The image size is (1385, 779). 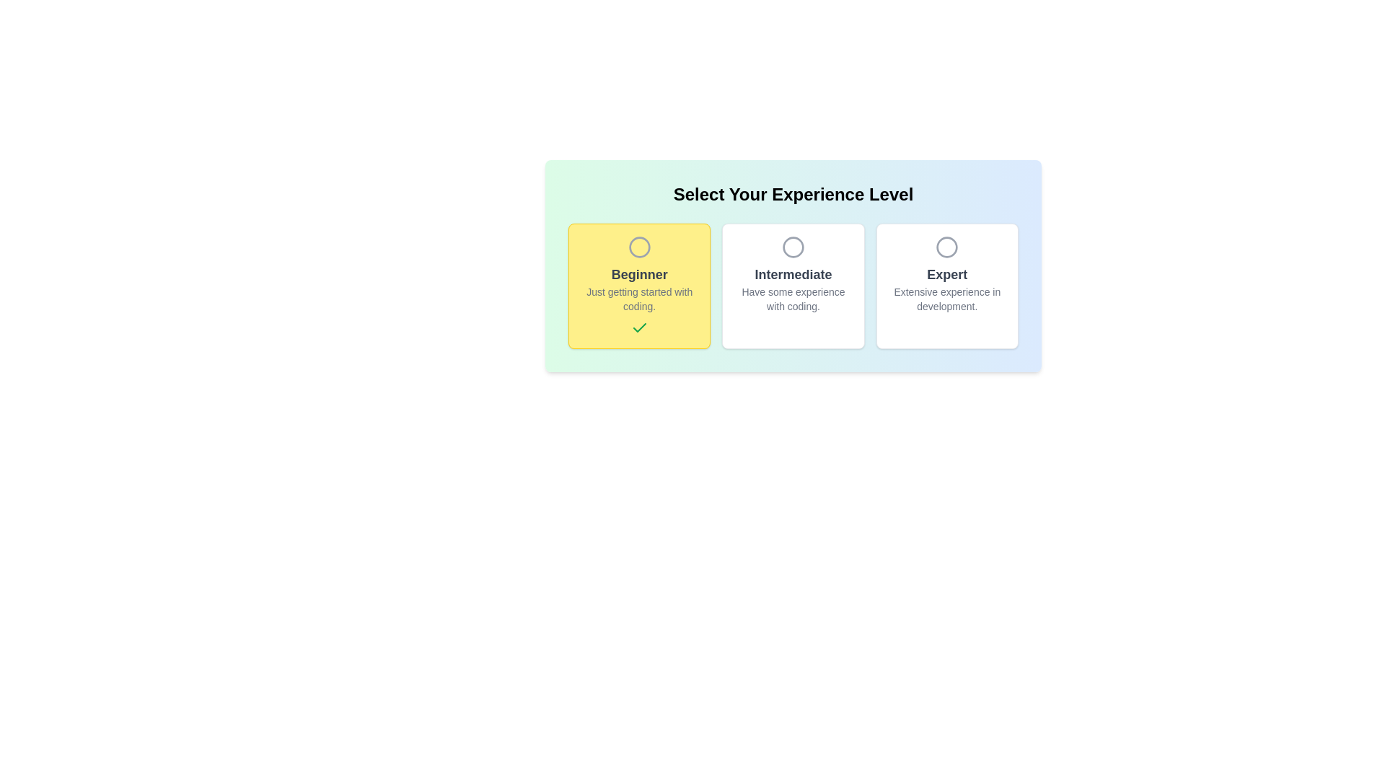 What do you see at coordinates (947, 289) in the screenshot?
I see `the text content descriptor labeled 'Expert' which provides information about the 'Expert' experience level, located as the third card in the 'Select Your Experience Level' section` at bounding box center [947, 289].